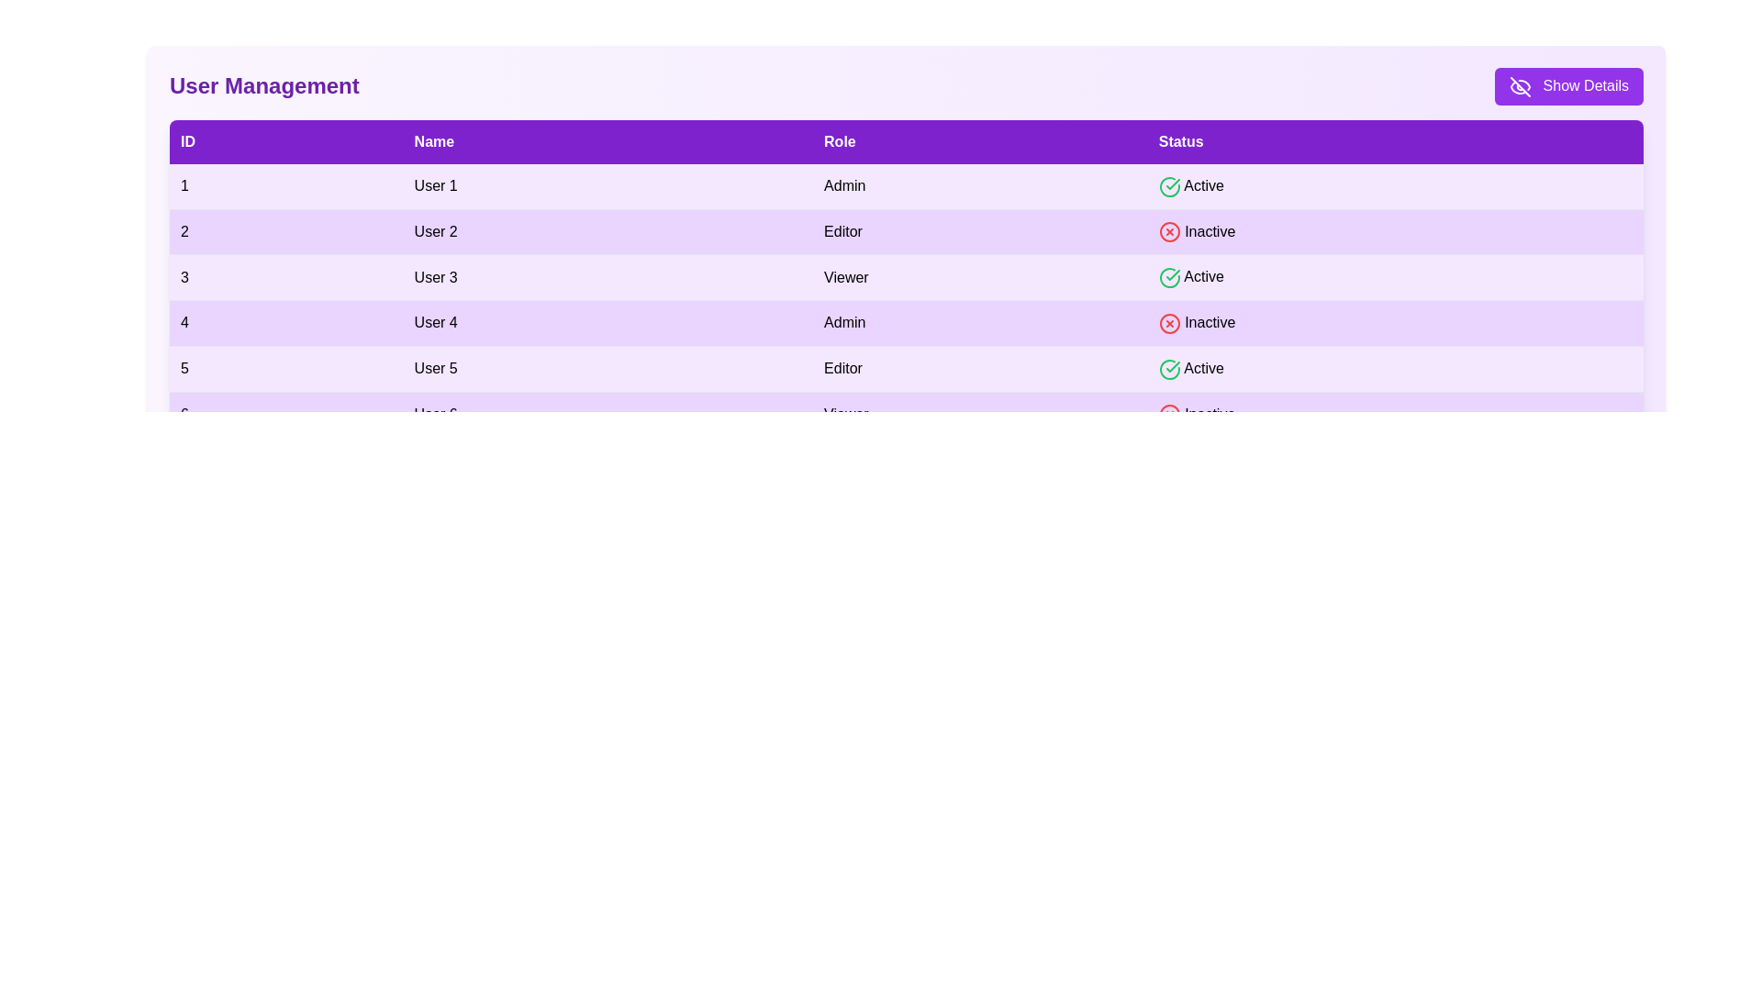 The height and width of the screenshot is (991, 1762). I want to click on the Role header to sort the table by that column, so click(979, 140).